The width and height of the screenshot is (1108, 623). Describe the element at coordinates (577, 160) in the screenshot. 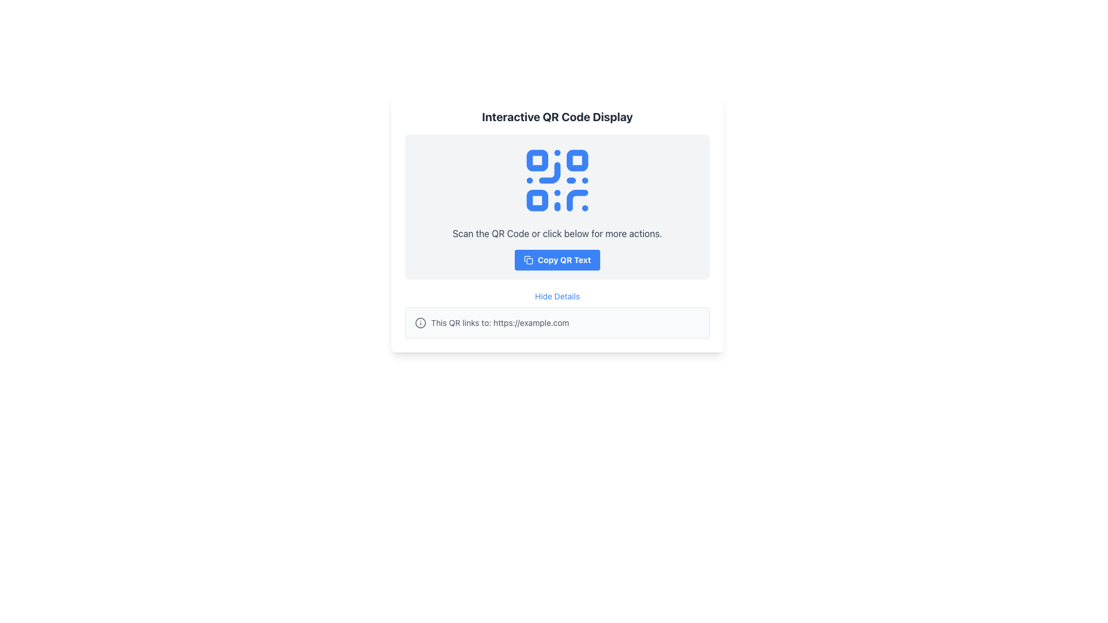

I see `the Decorative QR code square, which is a small, blue, rounded square located at the top right of the QR code graphic` at that location.